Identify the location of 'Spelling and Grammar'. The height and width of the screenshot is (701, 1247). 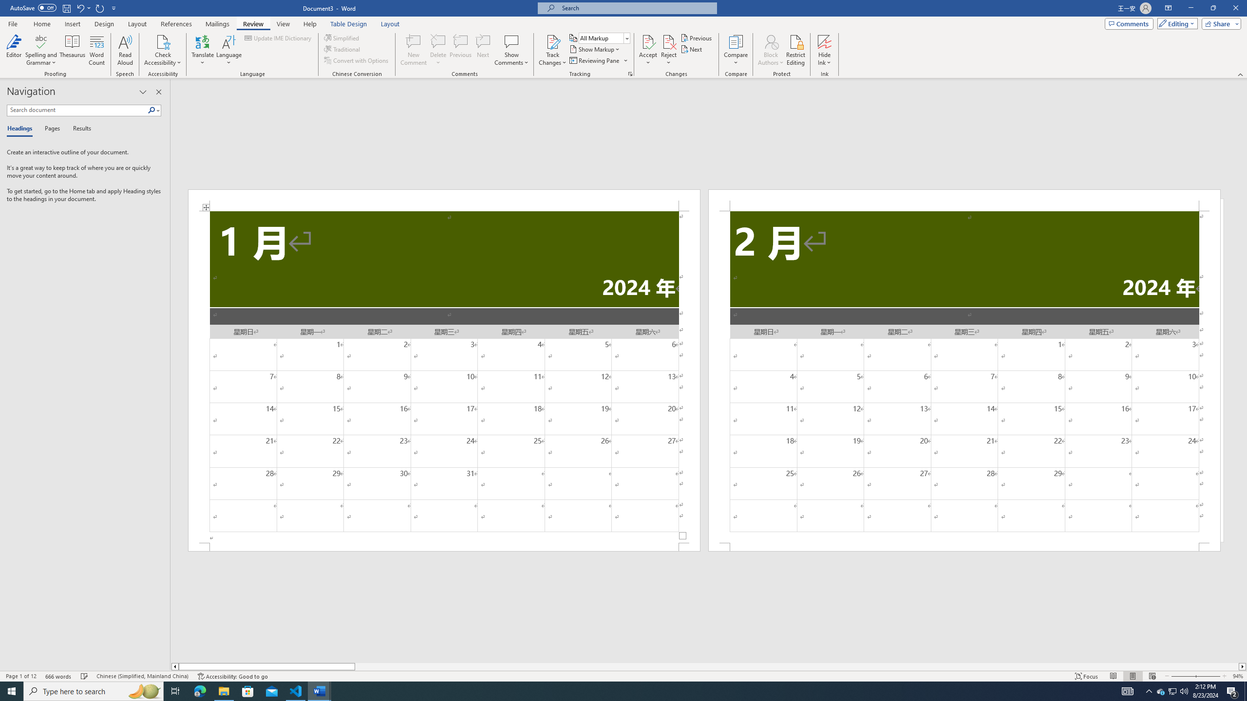
(41, 50).